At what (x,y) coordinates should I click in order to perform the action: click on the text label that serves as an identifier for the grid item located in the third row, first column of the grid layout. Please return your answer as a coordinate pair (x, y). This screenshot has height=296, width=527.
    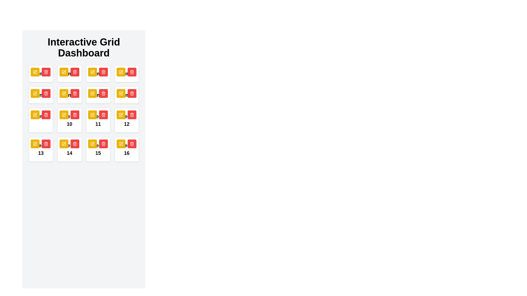
    Looking at the image, I should click on (69, 120).